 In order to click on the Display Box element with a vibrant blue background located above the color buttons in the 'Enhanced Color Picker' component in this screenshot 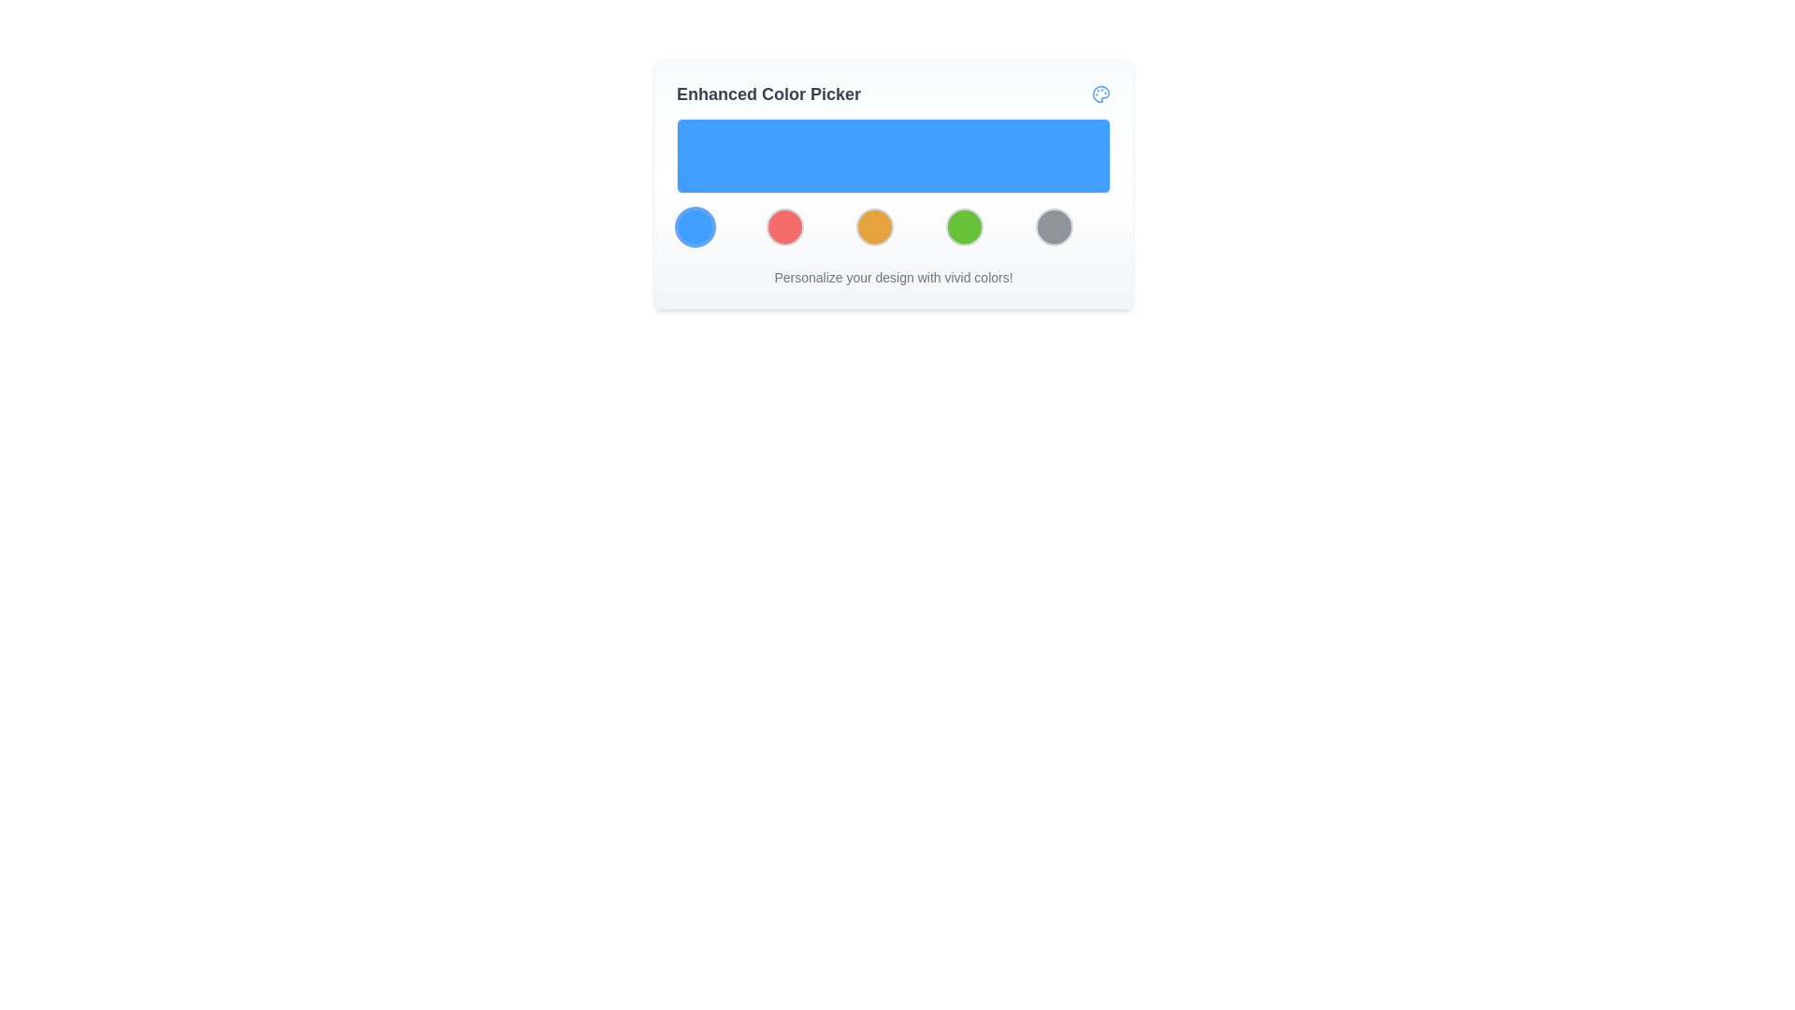, I will do `click(892, 182)`.